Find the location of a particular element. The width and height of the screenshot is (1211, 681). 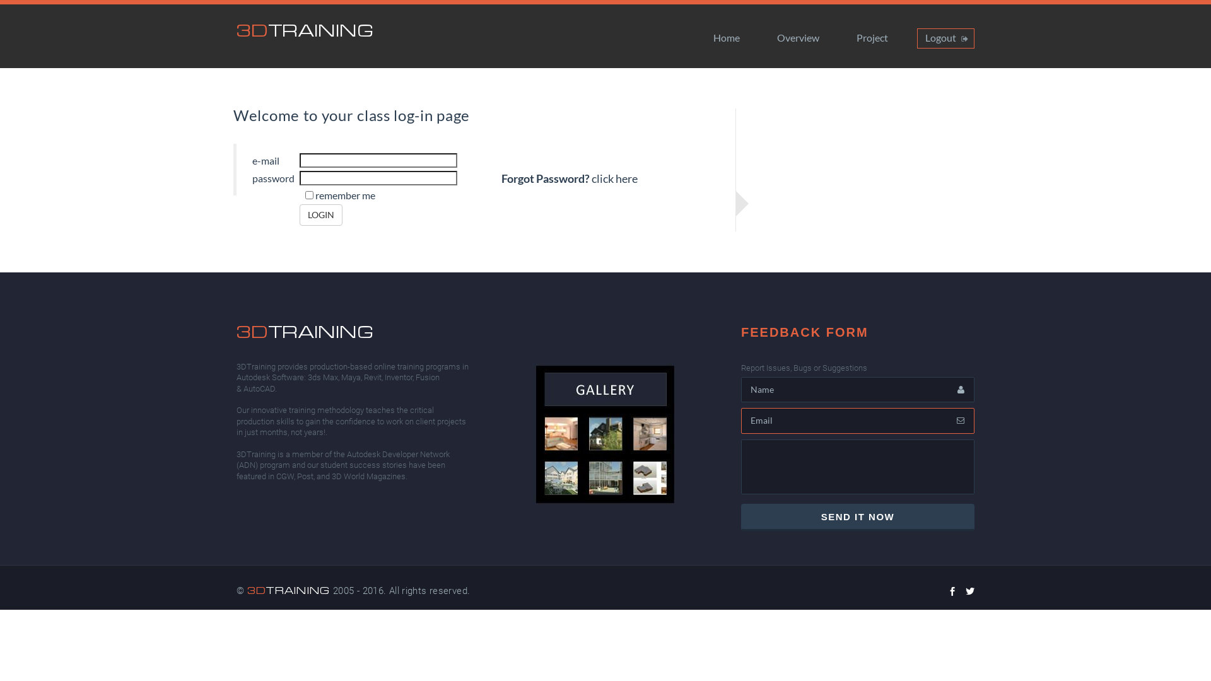

'3DTRAINING' is located at coordinates (305, 29).